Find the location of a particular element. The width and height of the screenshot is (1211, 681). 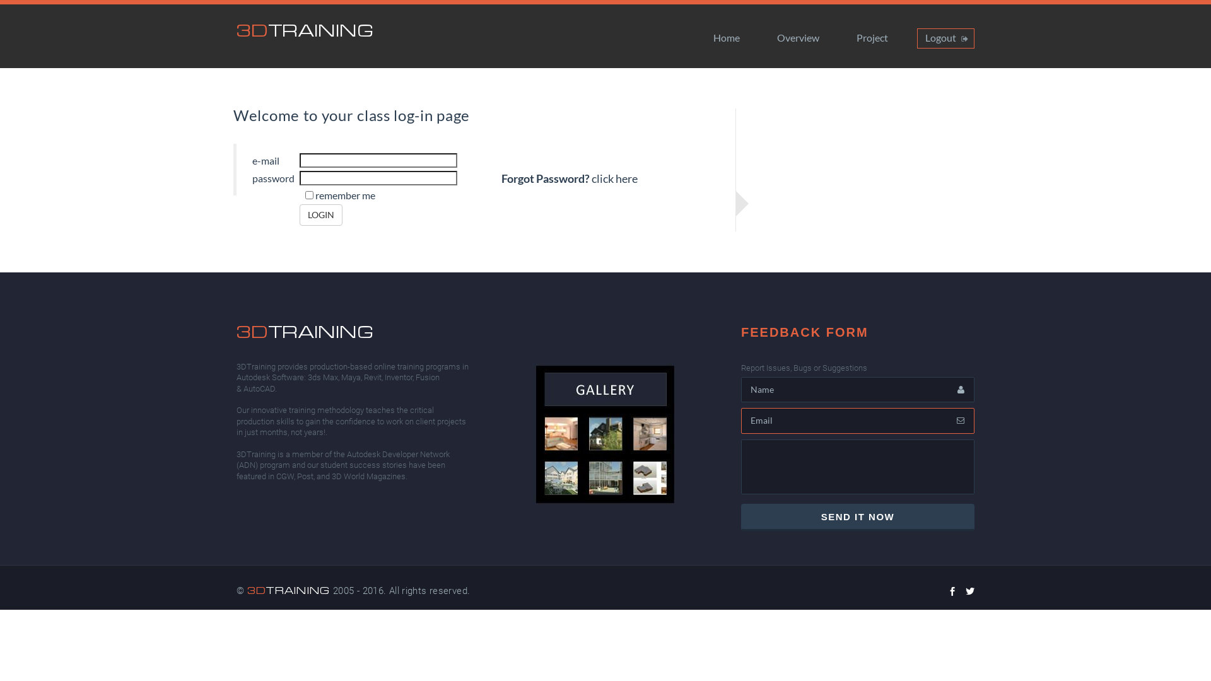

'3DTRAINING' is located at coordinates (305, 29).